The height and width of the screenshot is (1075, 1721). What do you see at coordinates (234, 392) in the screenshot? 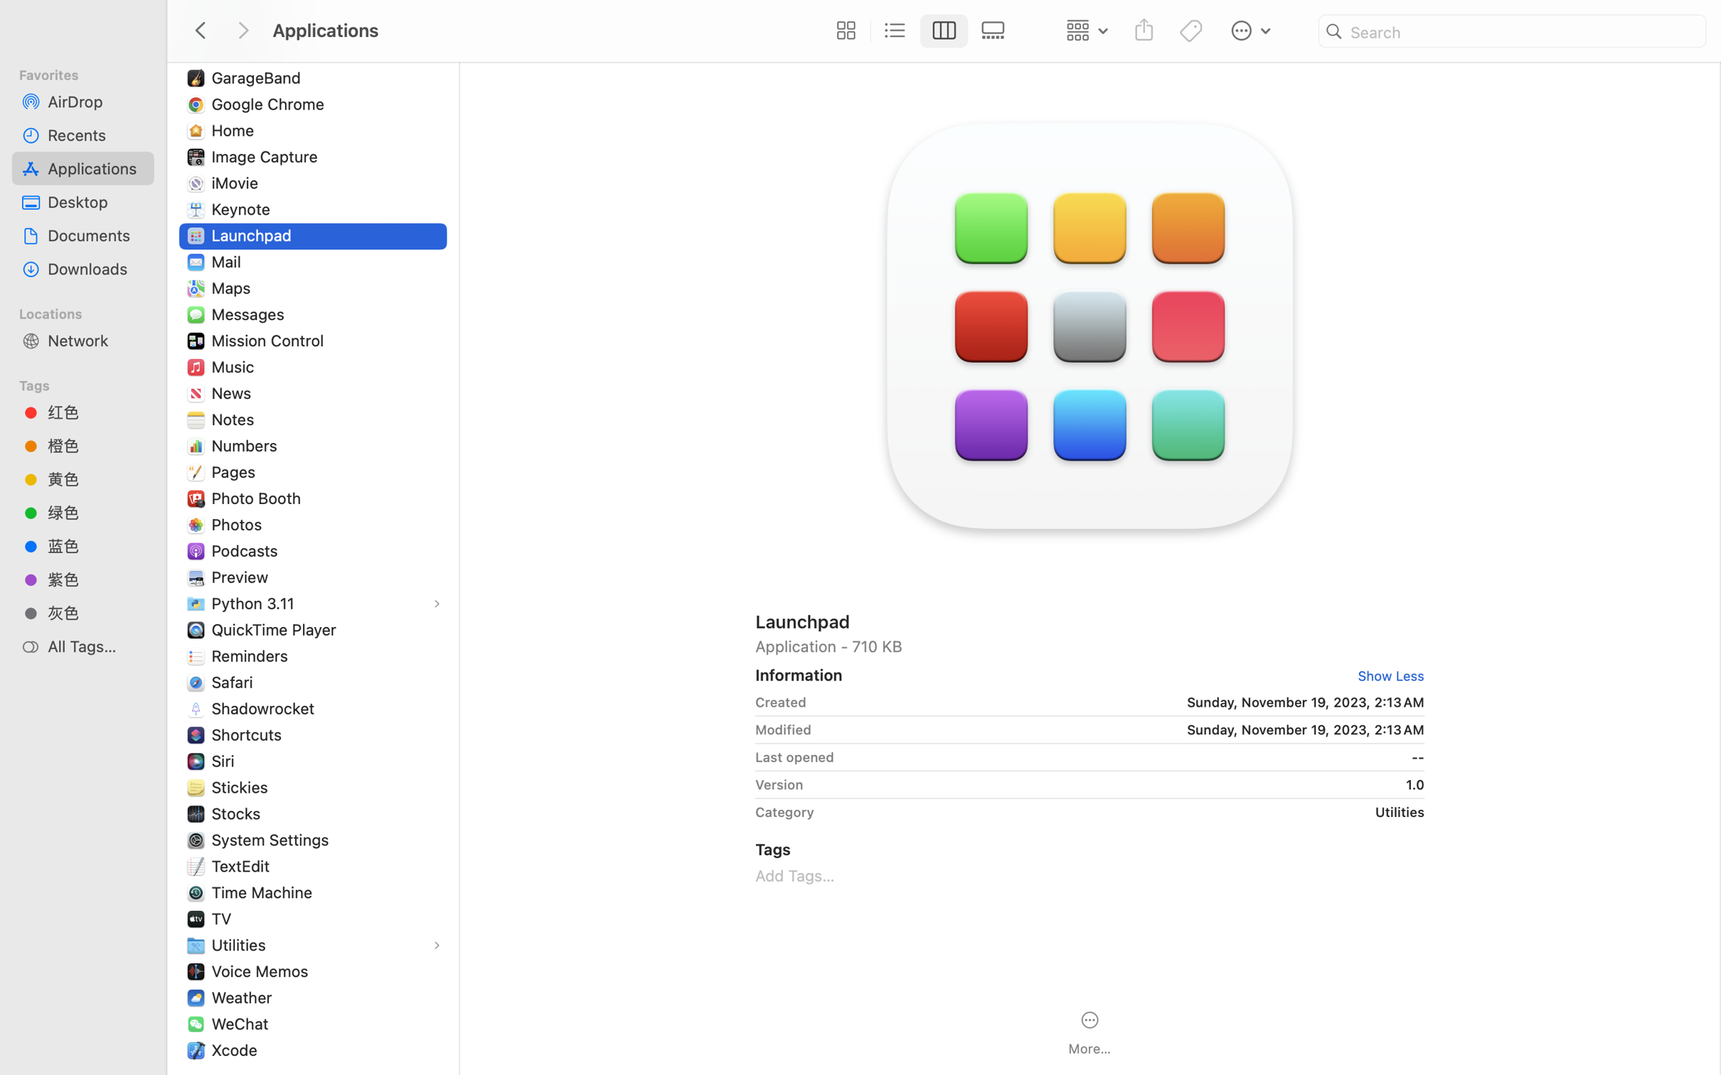
I see `'News'` at bounding box center [234, 392].